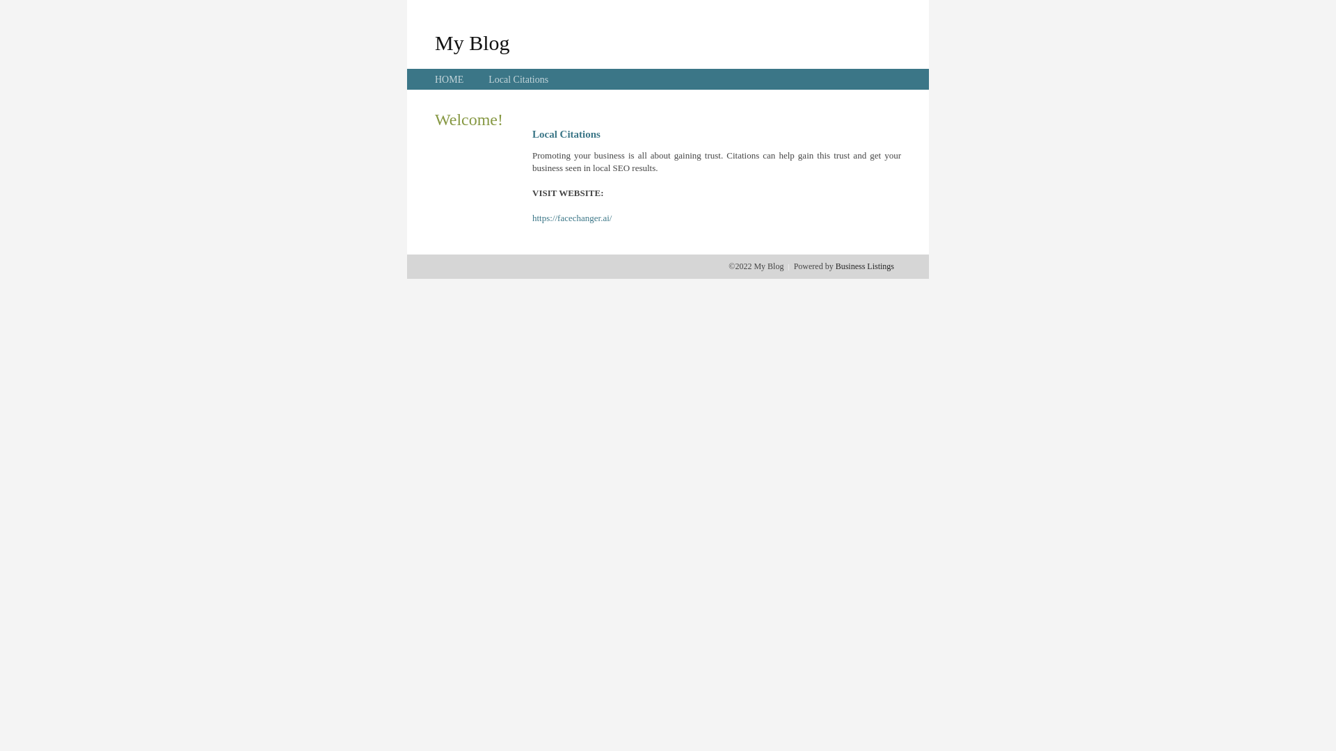 The height and width of the screenshot is (751, 1336). I want to click on 'https://facechanger.ai/', so click(571, 218).